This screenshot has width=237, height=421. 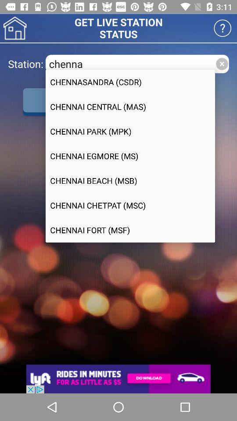 I want to click on the help icon, so click(x=223, y=28).